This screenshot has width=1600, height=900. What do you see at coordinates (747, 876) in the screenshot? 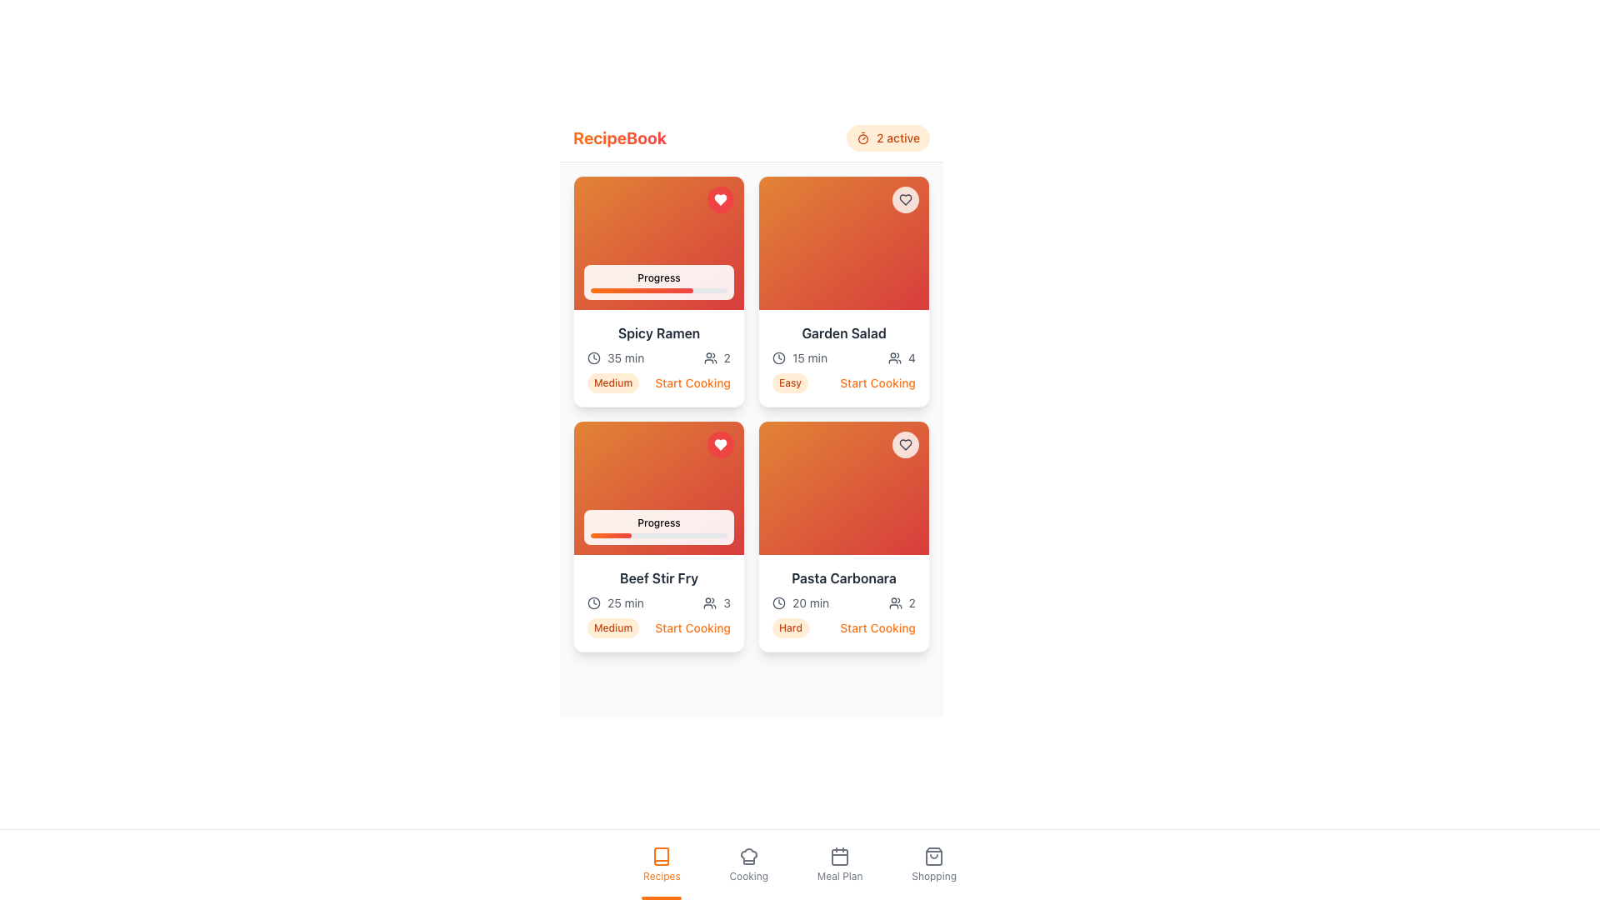
I see `label 'Cooking' which is styled in a small-sized font and positioned beneath the chef's hat icon in the bottom navigation bar, making it the third item from the left` at bounding box center [747, 876].